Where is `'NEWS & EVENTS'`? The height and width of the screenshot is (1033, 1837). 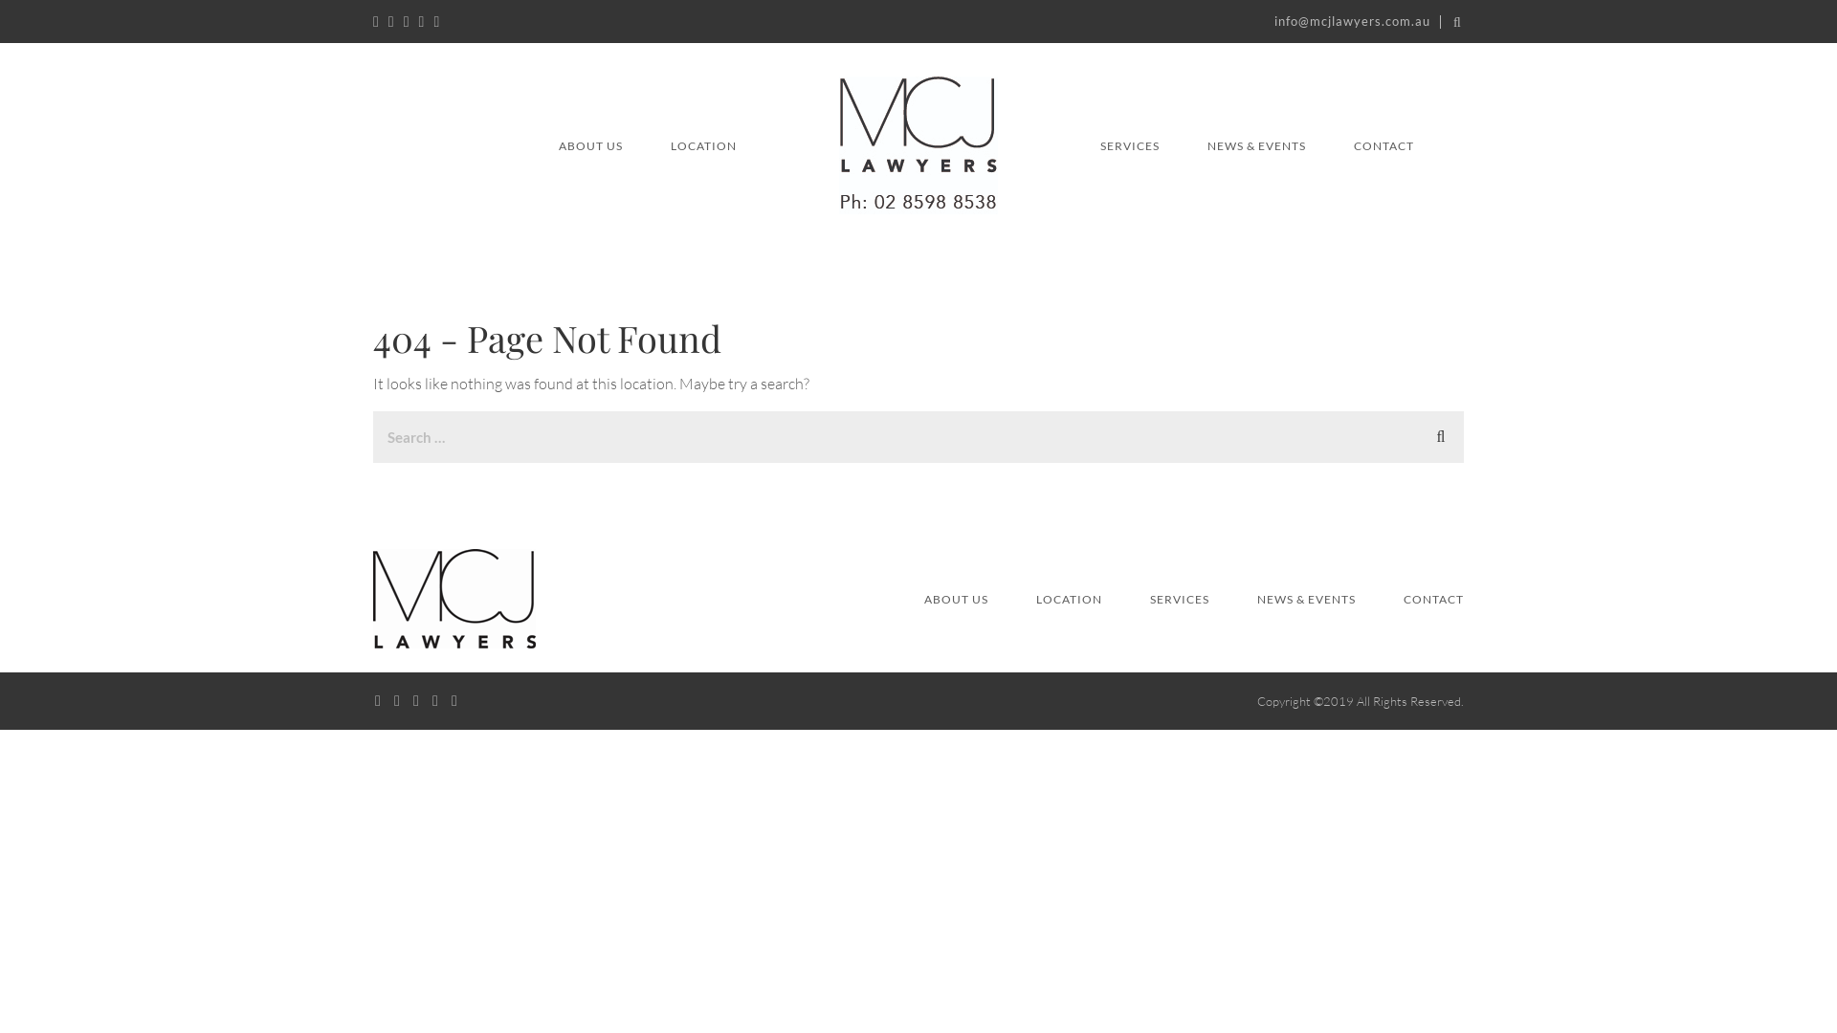
'NEWS & EVENTS' is located at coordinates (1256, 144).